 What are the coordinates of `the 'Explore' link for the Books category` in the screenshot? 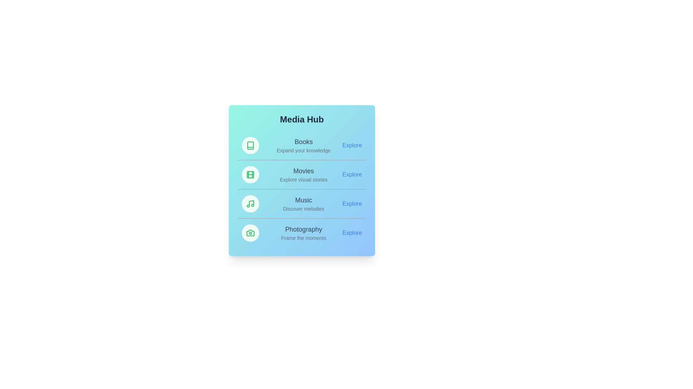 It's located at (352, 146).